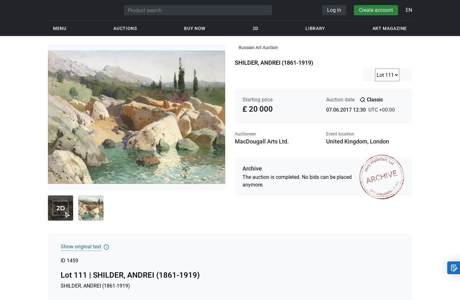 The width and height of the screenshot is (460, 300). I want to click on 'Archive', so click(252, 168).